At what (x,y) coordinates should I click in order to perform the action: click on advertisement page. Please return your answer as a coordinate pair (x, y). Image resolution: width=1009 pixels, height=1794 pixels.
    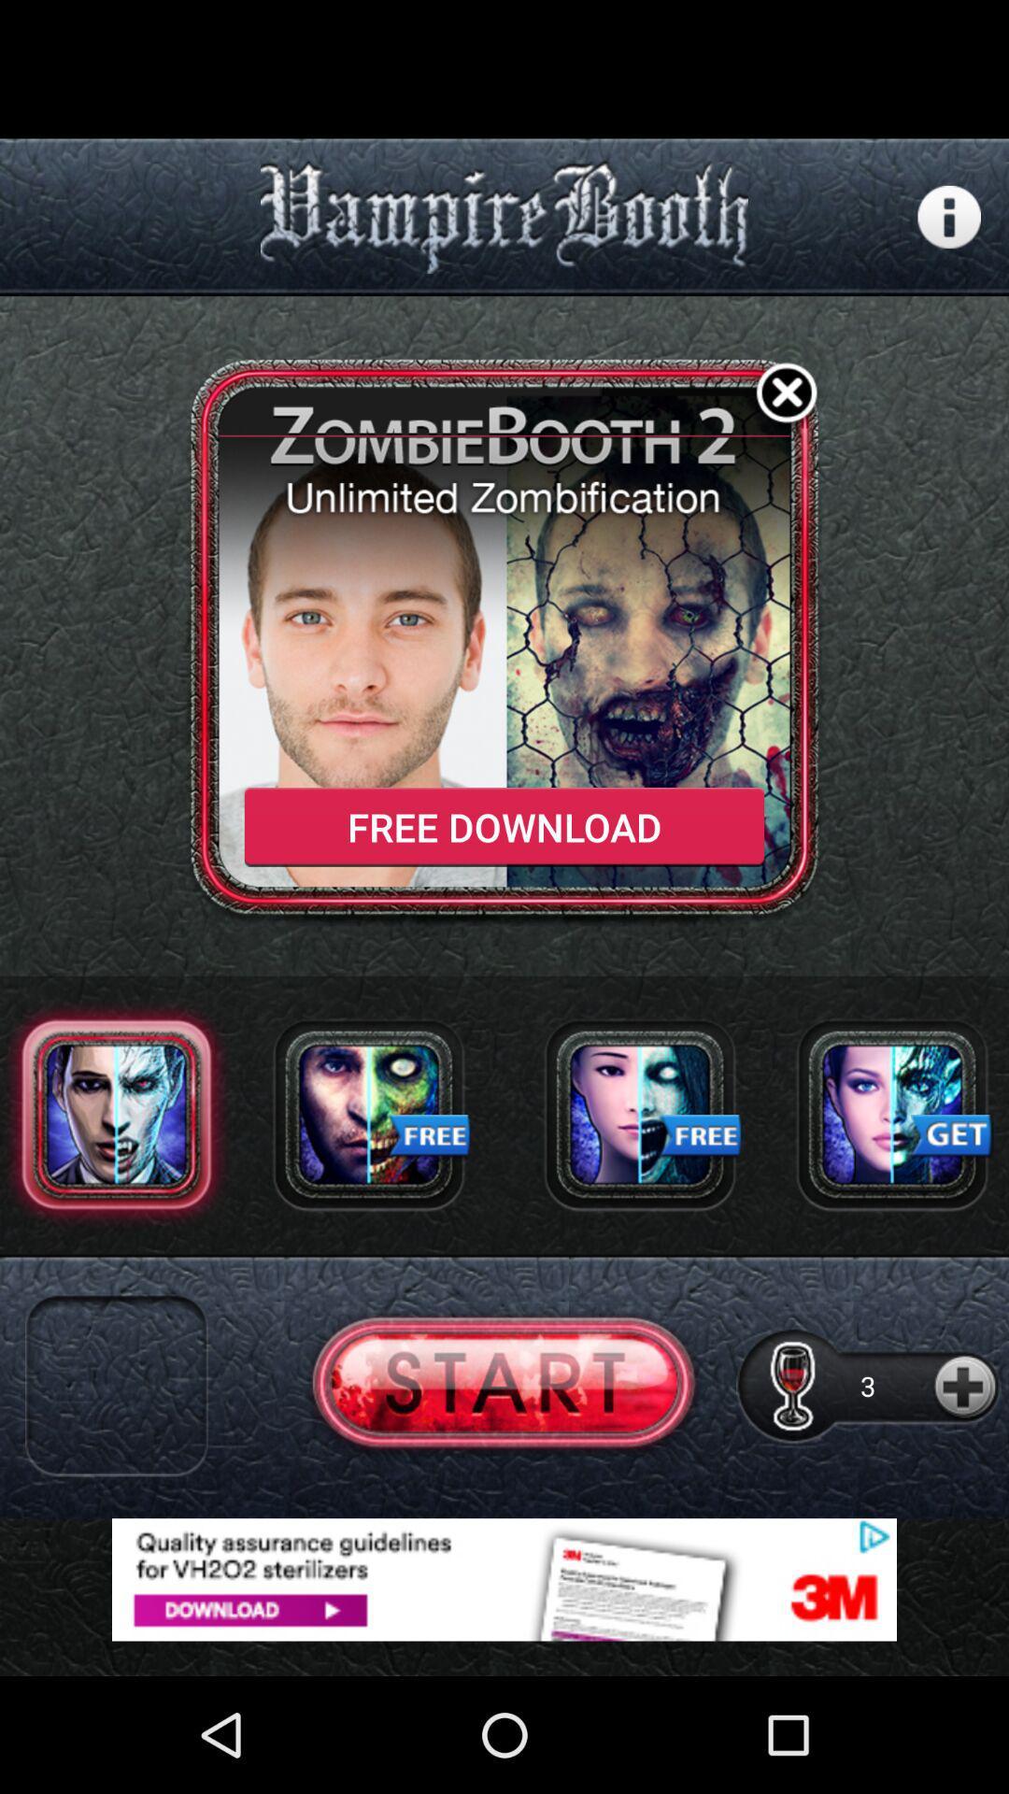
    Looking at the image, I should click on (639, 1114).